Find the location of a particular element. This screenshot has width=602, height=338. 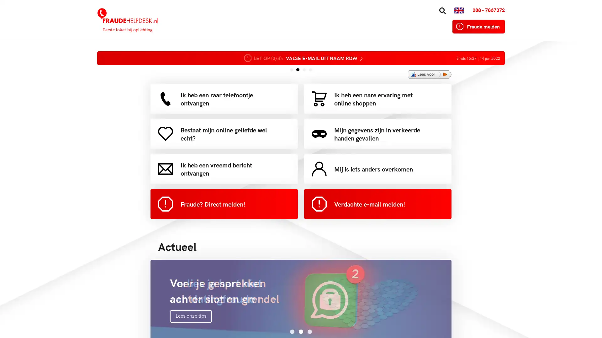

Zoeken is located at coordinates (420, 7).